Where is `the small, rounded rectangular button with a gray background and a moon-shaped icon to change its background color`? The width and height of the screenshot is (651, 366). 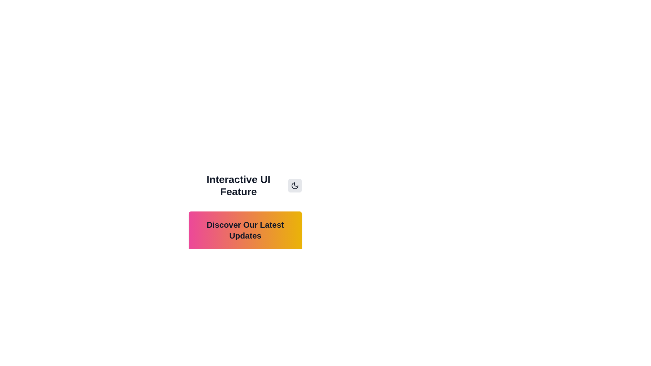
the small, rounded rectangular button with a gray background and a moon-shaped icon to change its background color is located at coordinates (295, 185).